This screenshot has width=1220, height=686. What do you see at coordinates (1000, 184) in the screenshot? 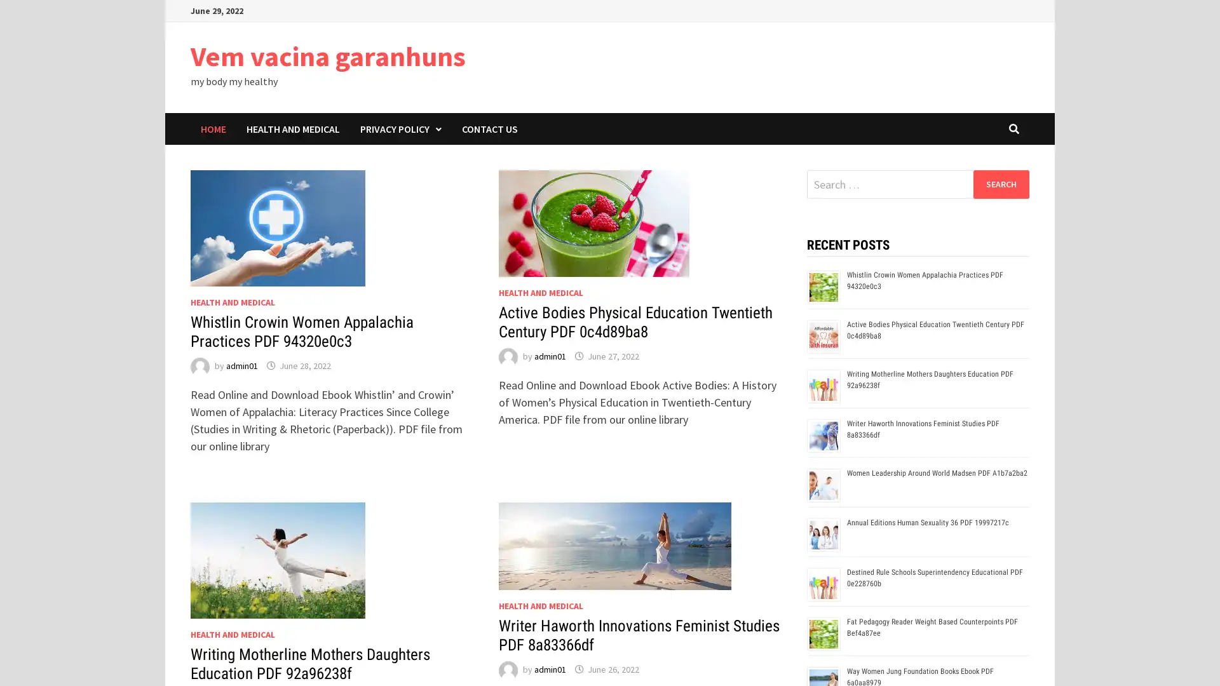
I see `Search` at bounding box center [1000, 184].